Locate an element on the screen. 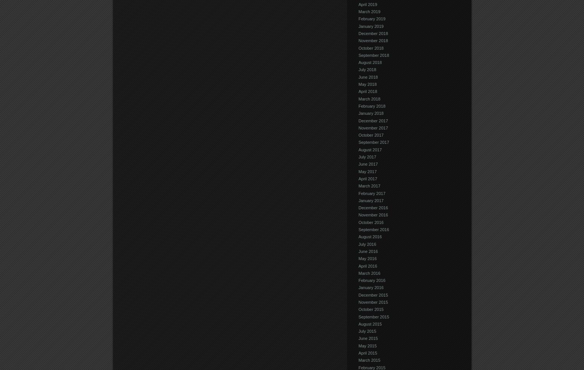 This screenshot has width=584, height=370. 'May 2016' is located at coordinates (367, 258).